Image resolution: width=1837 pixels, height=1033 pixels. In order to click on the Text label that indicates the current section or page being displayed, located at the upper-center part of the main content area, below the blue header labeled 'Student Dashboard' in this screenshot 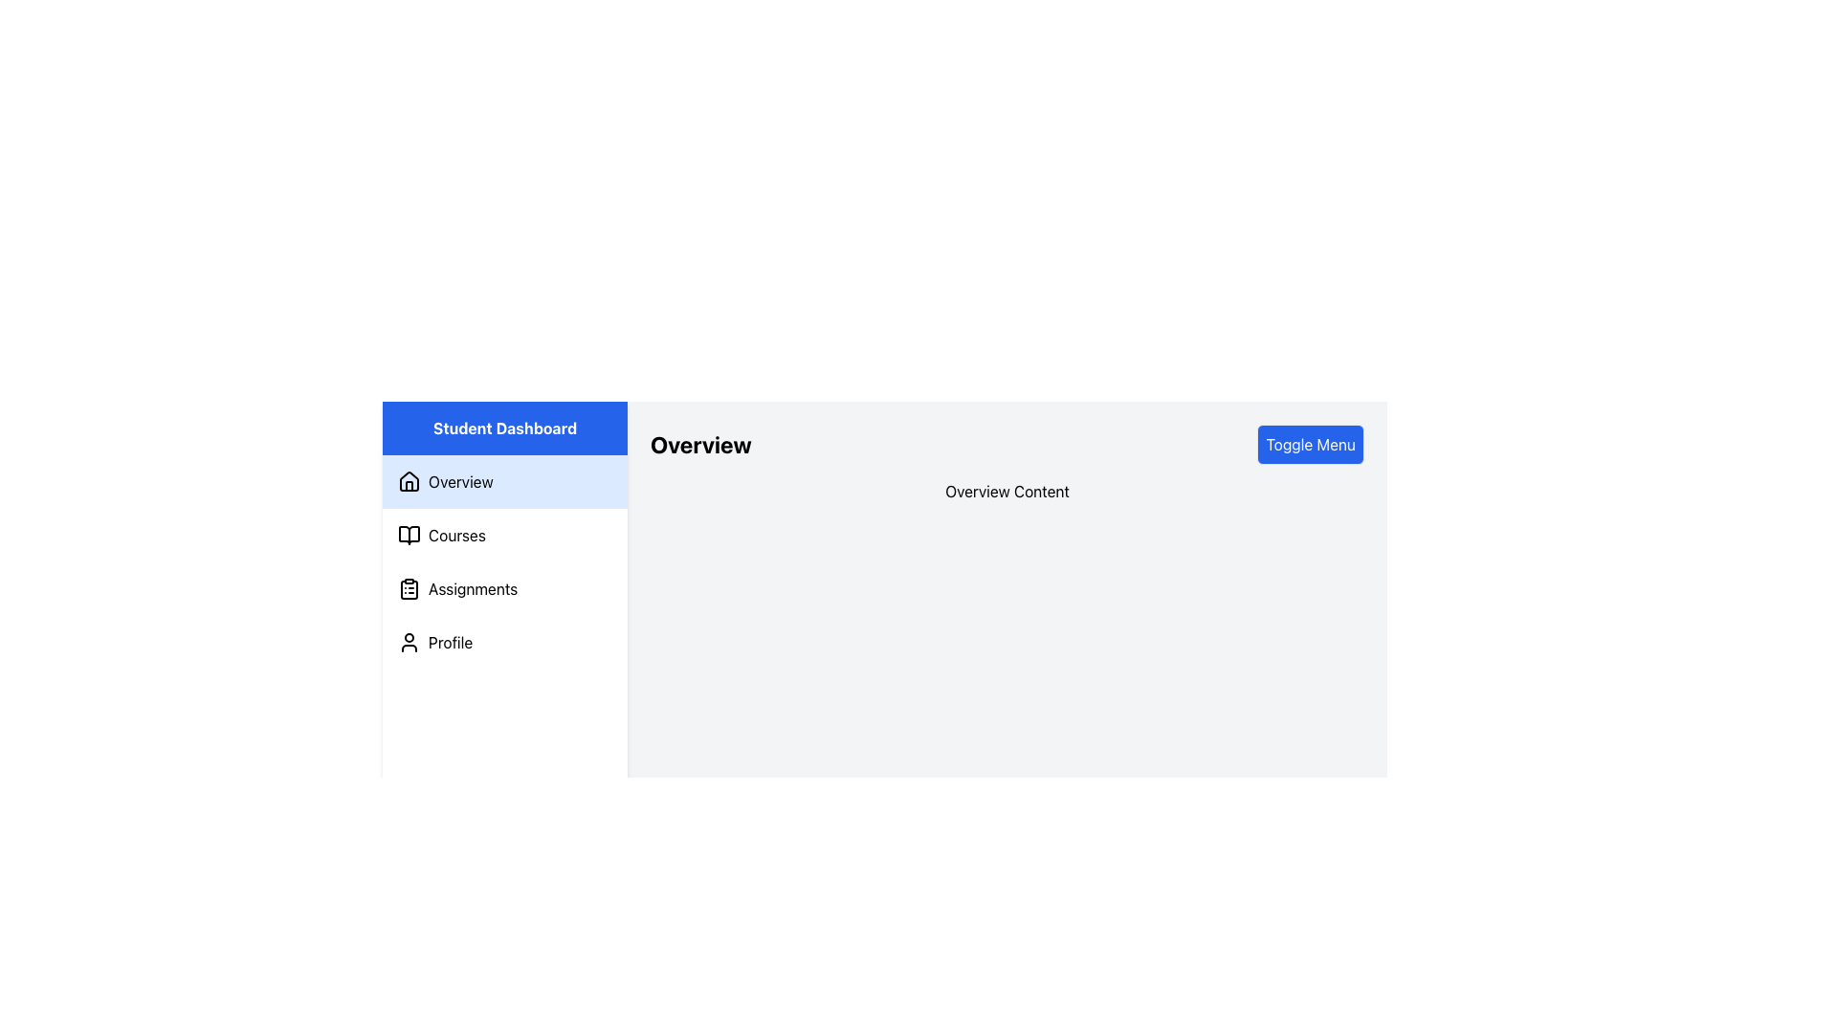, I will do `click(699, 445)`.